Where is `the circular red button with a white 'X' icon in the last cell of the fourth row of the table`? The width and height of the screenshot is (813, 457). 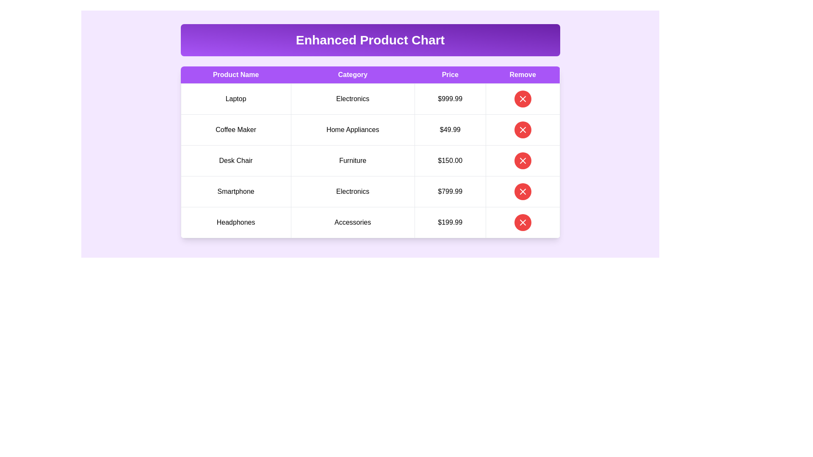 the circular red button with a white 'X' icon in the last cell of the fourth row of the table is located at coordinates (522, 191).